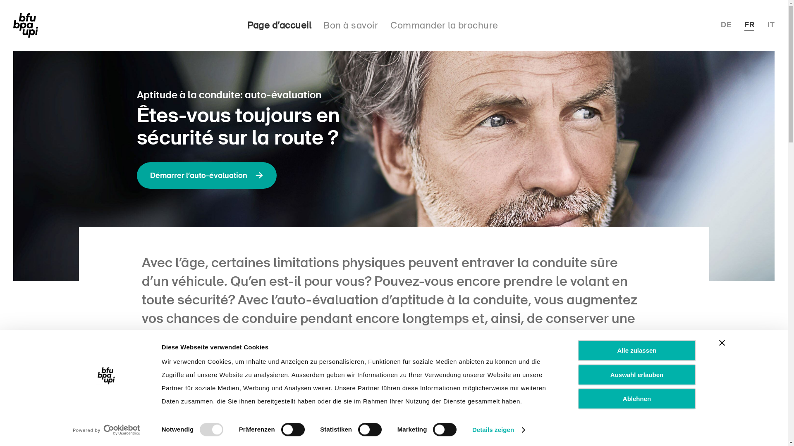 The height and width of the screenshot is (446, 794). What do you see at coordinates (636, 398) in the screenshot?
I see `'Ablehnen'` at bounding box center [636, 398].